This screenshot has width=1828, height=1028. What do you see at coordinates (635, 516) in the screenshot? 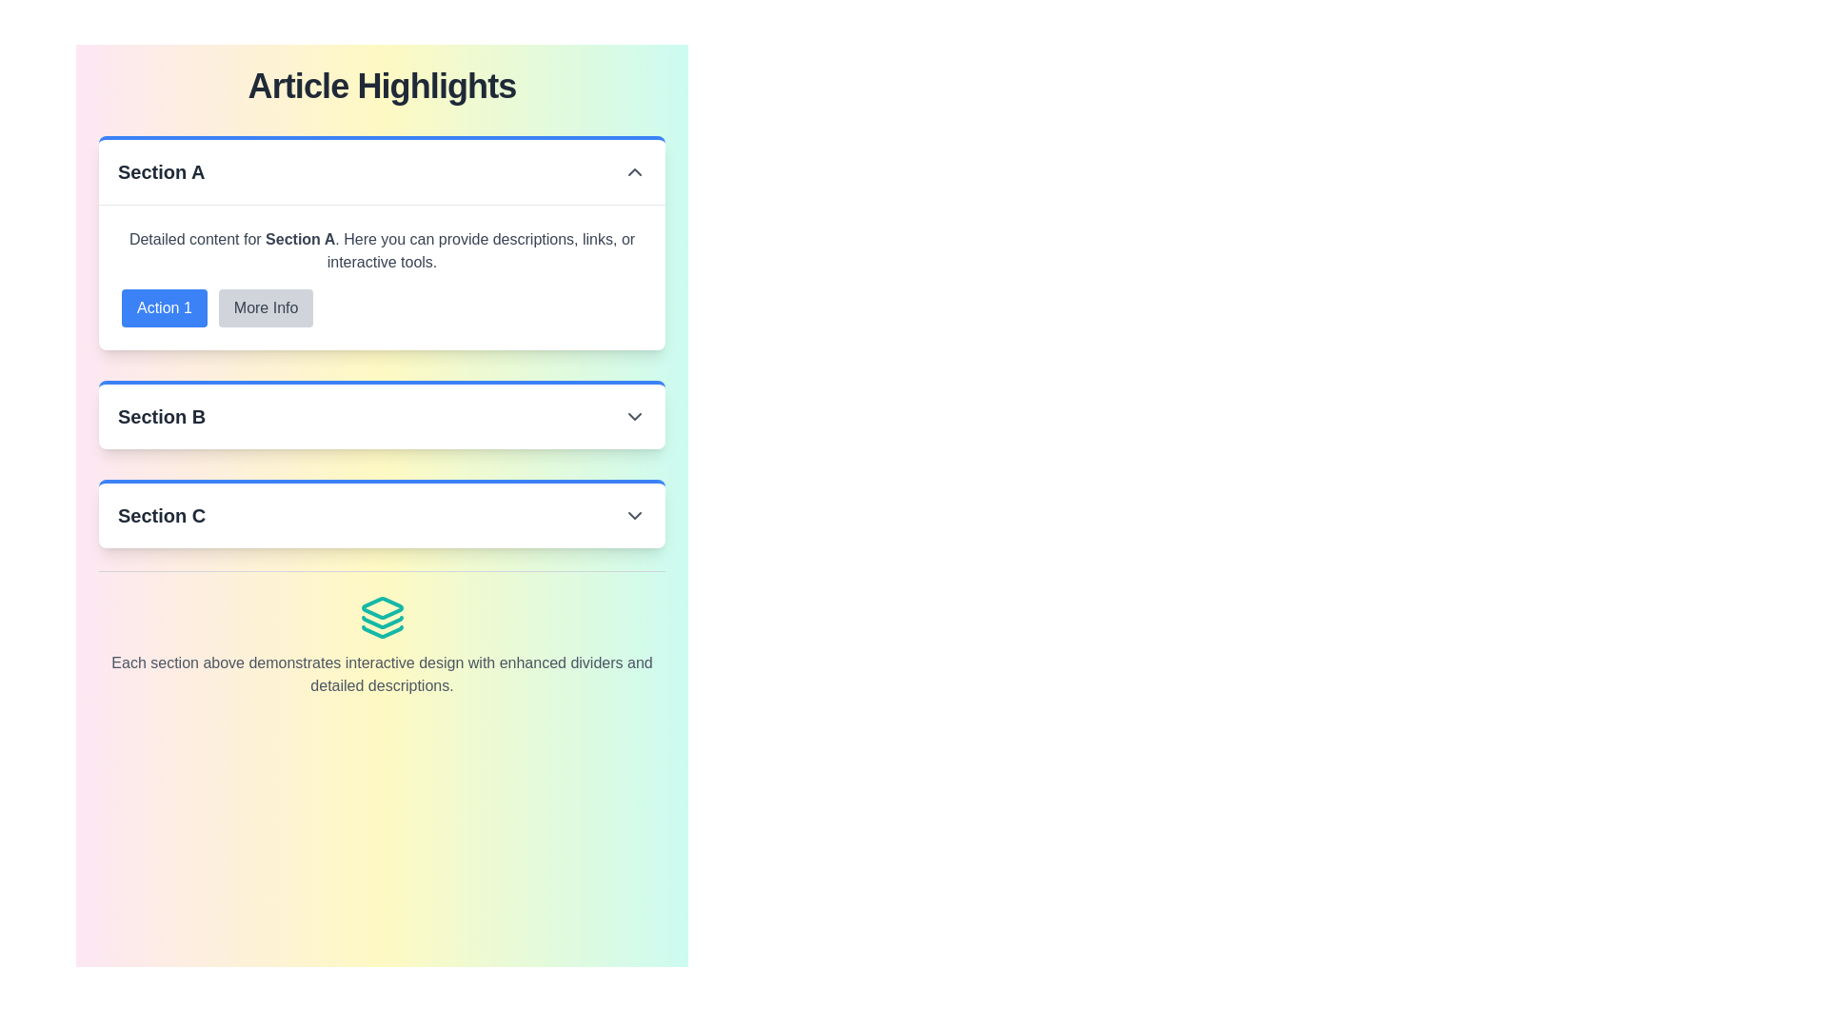
I see `the Dropdown indicator icon located in 'Section C'` at bounding box center [635, 516].